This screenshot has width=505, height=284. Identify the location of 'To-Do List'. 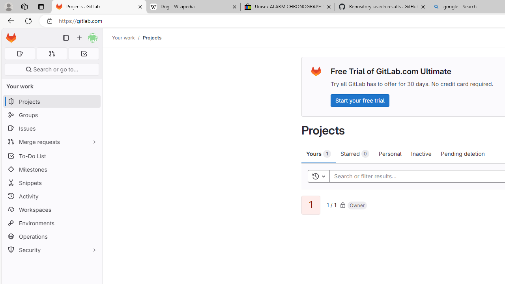
(51, 156).